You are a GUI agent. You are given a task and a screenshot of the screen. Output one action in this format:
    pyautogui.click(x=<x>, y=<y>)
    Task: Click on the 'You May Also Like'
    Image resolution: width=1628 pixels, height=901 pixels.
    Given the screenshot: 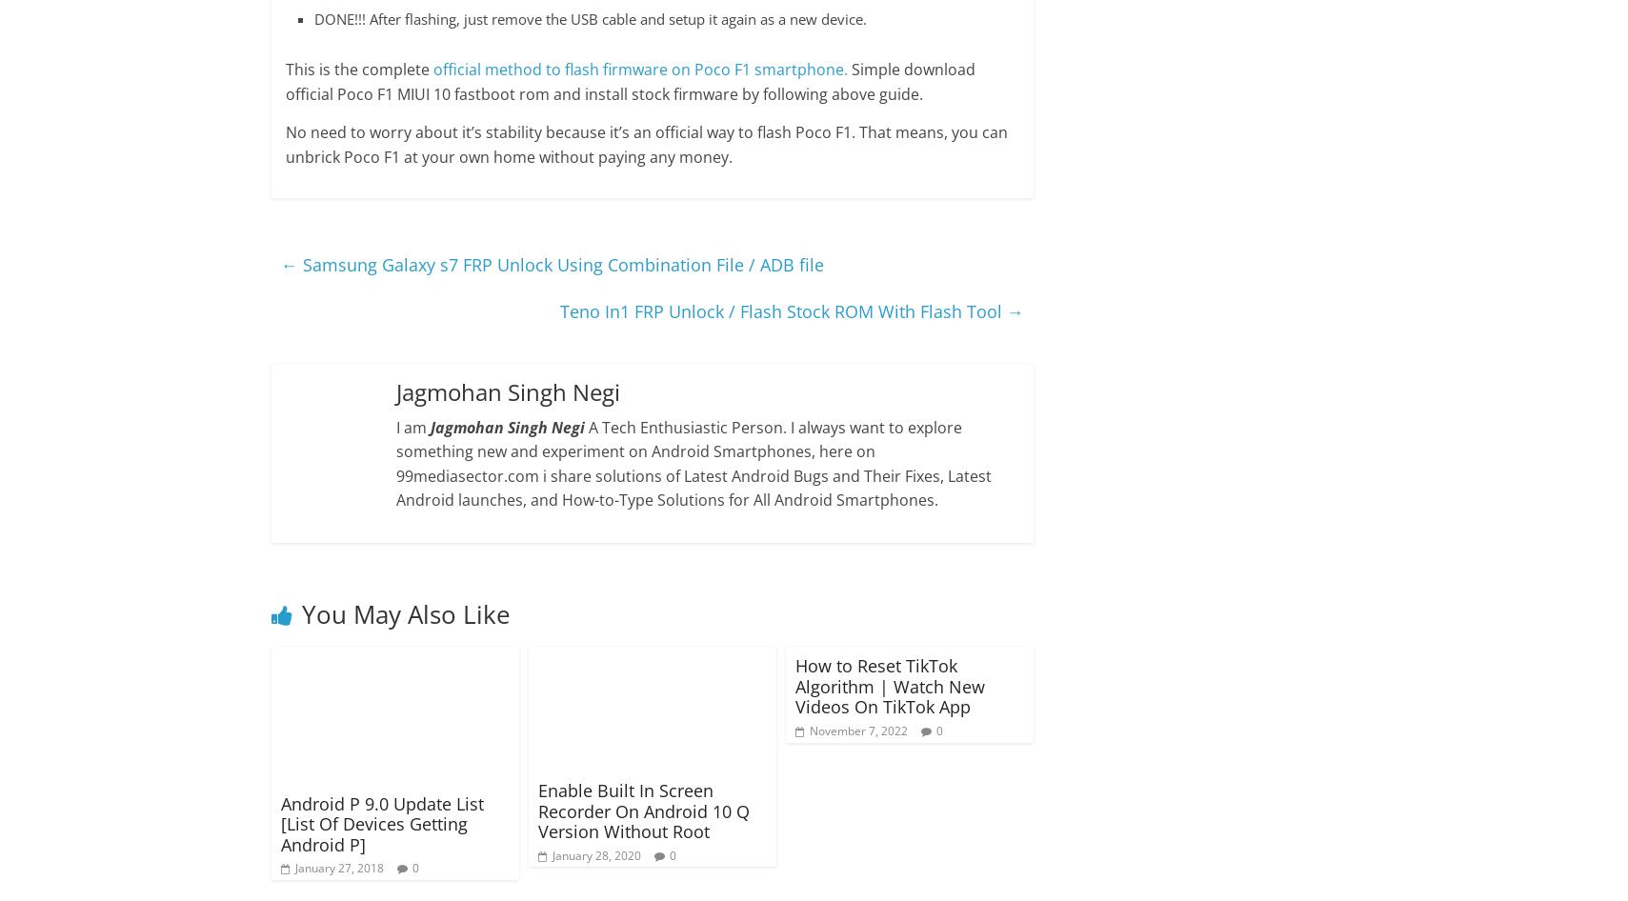 What is the action you would take?
    pyautogui.click(x=404, y=613)
    